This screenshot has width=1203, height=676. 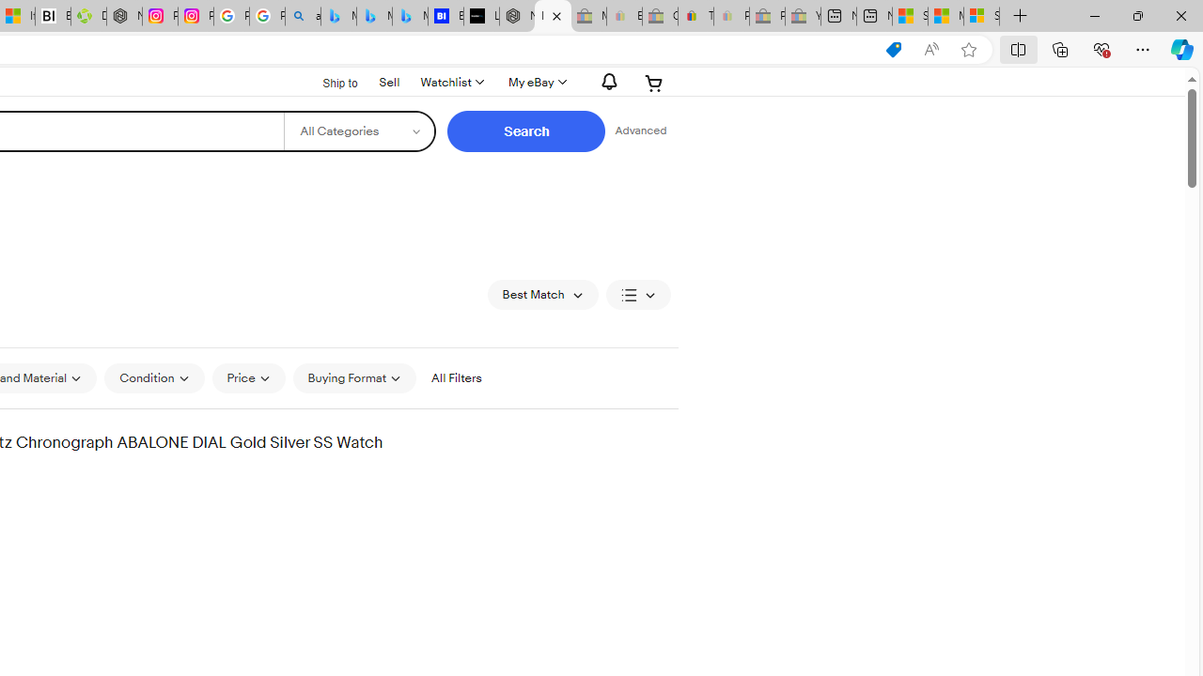 What do you see at coordinates (552, 16) in the screenshot?
I see `'Invicta products for sale | eBay'` at bounding box center [552, 16].